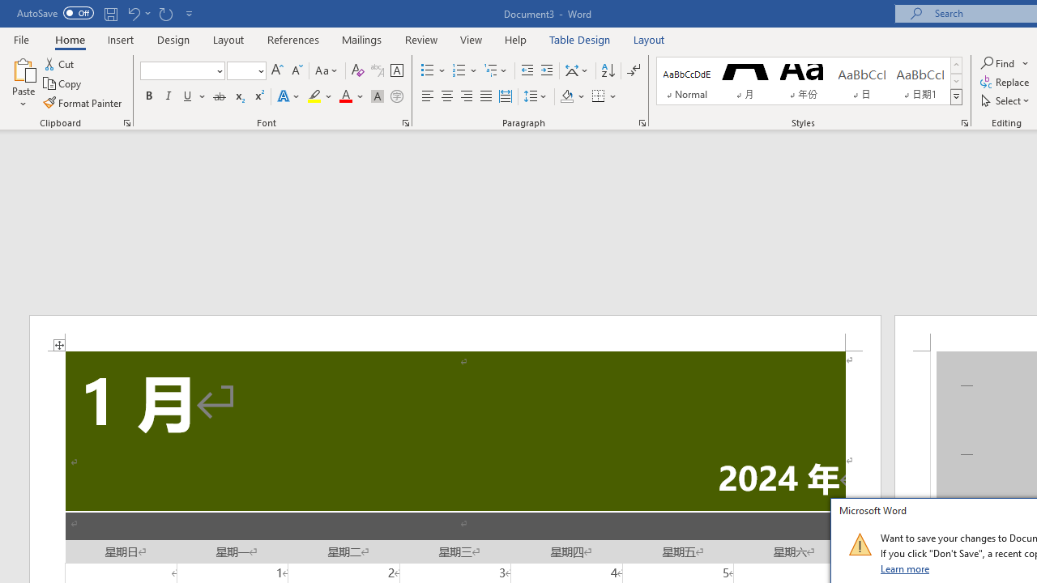 The image size is (1037, 583). I want to click on 'Office Clipboard...', so click(126, 121).